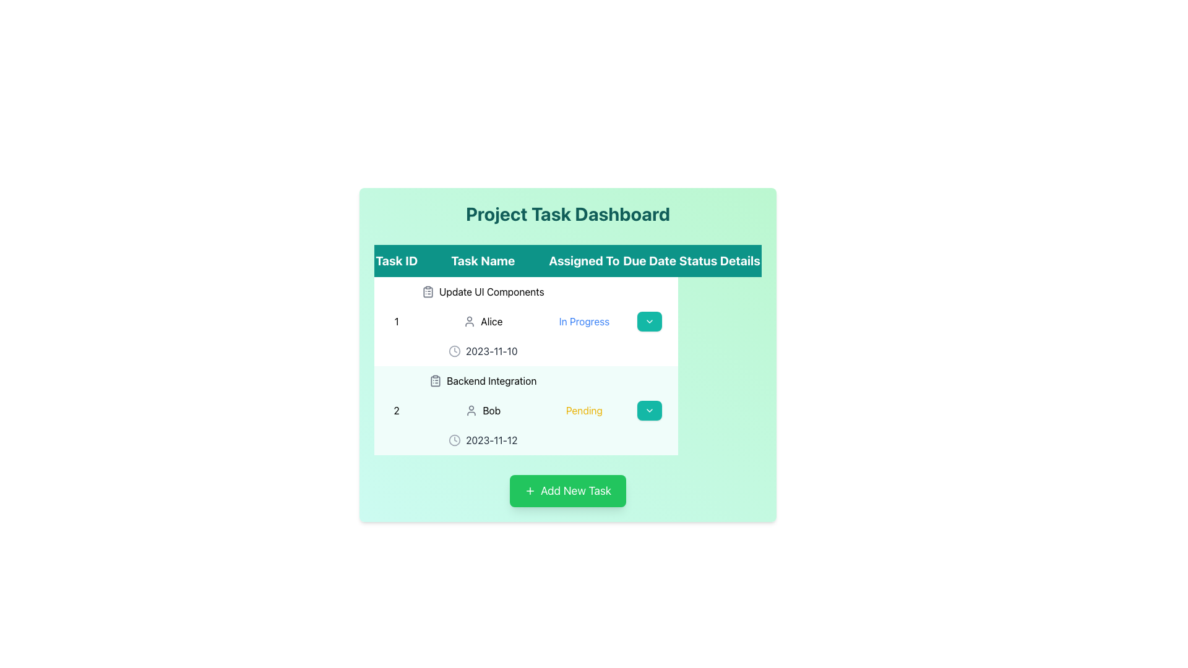 This screenshot has width=1188, height=668. I want to click on the dropdown toggle button in the last column of the second row, which corresponds to Task ID '2' and Task Name 'Backend Integration', so click(649, 410).